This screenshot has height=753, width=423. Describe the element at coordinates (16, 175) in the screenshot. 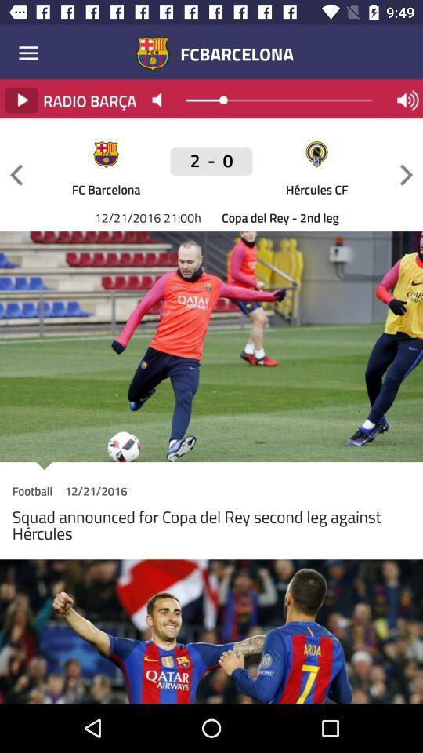

I see `previous` at that location.